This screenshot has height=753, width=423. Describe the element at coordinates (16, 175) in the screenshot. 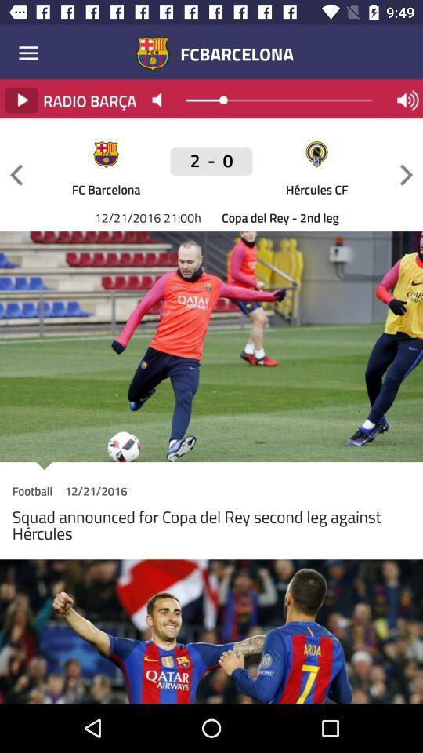

I see `previous` at that location.